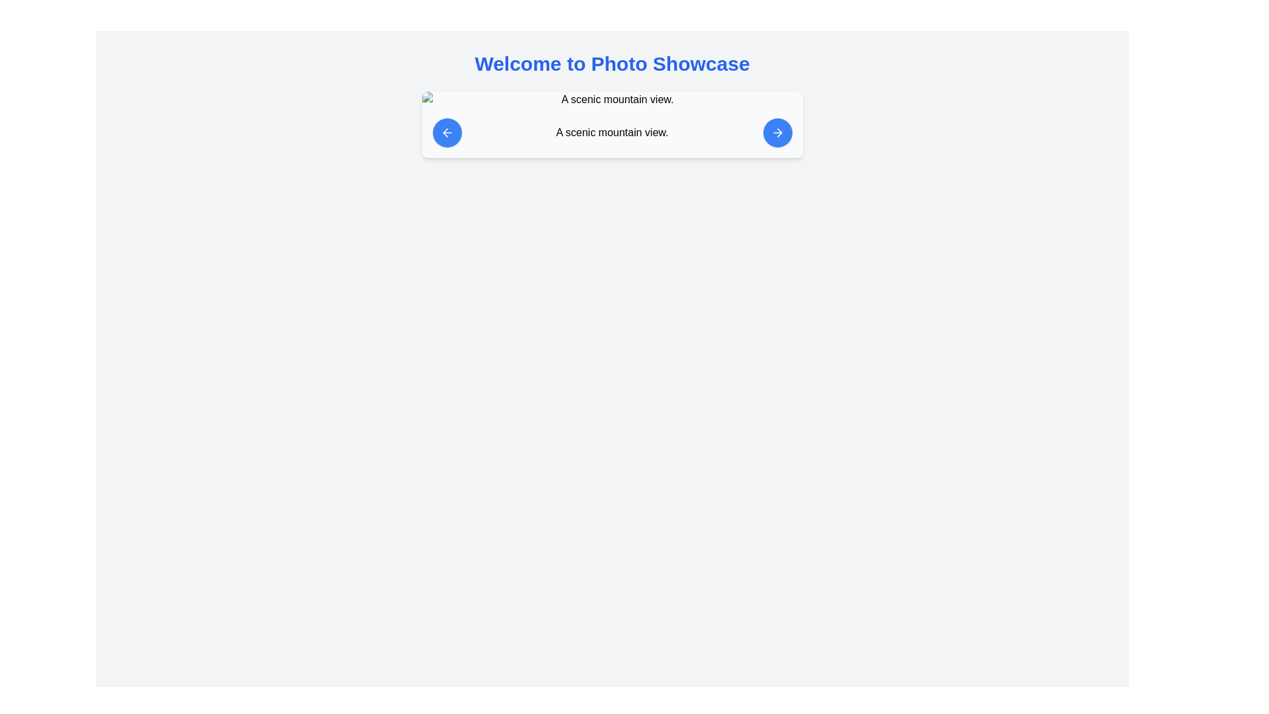 The image size is (1269, 714). Describe the element at coordinates (611, 99) in the screenshot. I see `or identify the image placeholder with rounded corners and a gray outline, which has the alternate text 'A scenic mountain view.'` at that location.